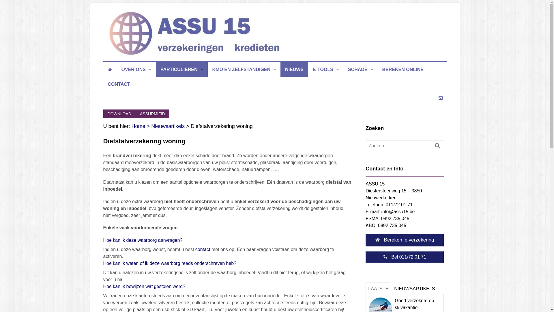  What do you see at coordinates (195, 249) in the screenshot?
I see `'contact'` at bounding box center [195, 249].